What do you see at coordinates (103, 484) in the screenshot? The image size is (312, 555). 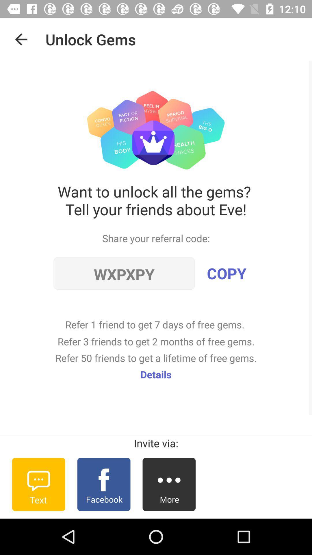 I see `button to invite via facebook` at bounding box center [103, 484].